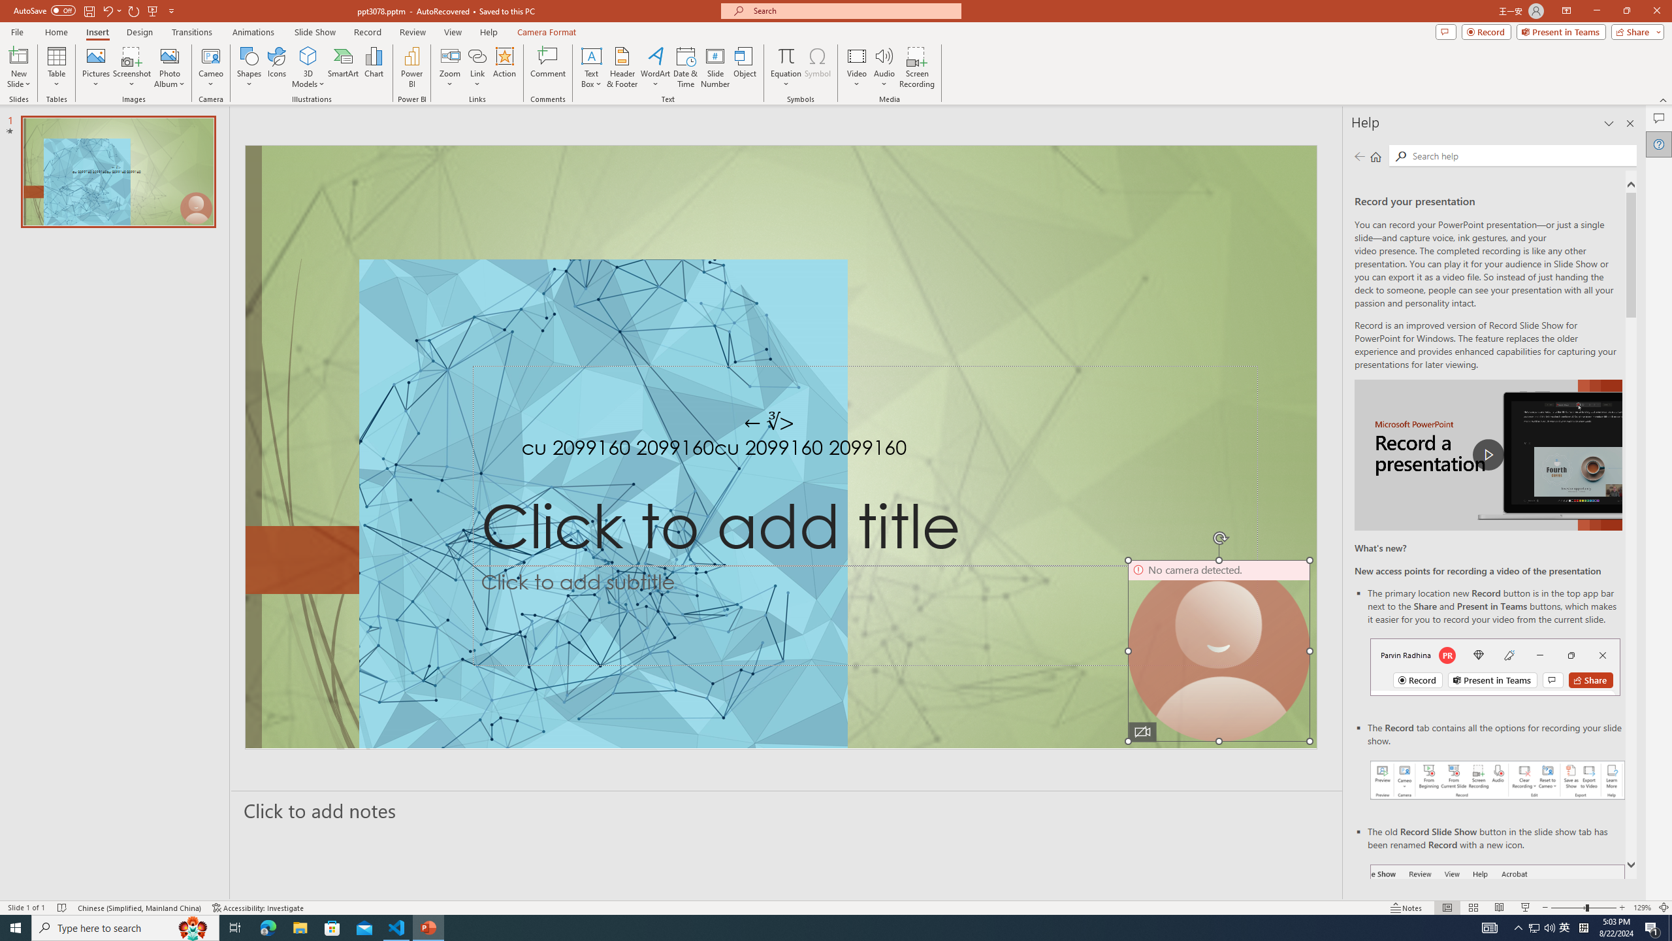 The height and width of the screenshot is (941, 1672). What do you see at coordinates (1219, 650) in the screenshot?
I see `'Camera 9, No camera detected.'` at bounding box center [1219, 650].